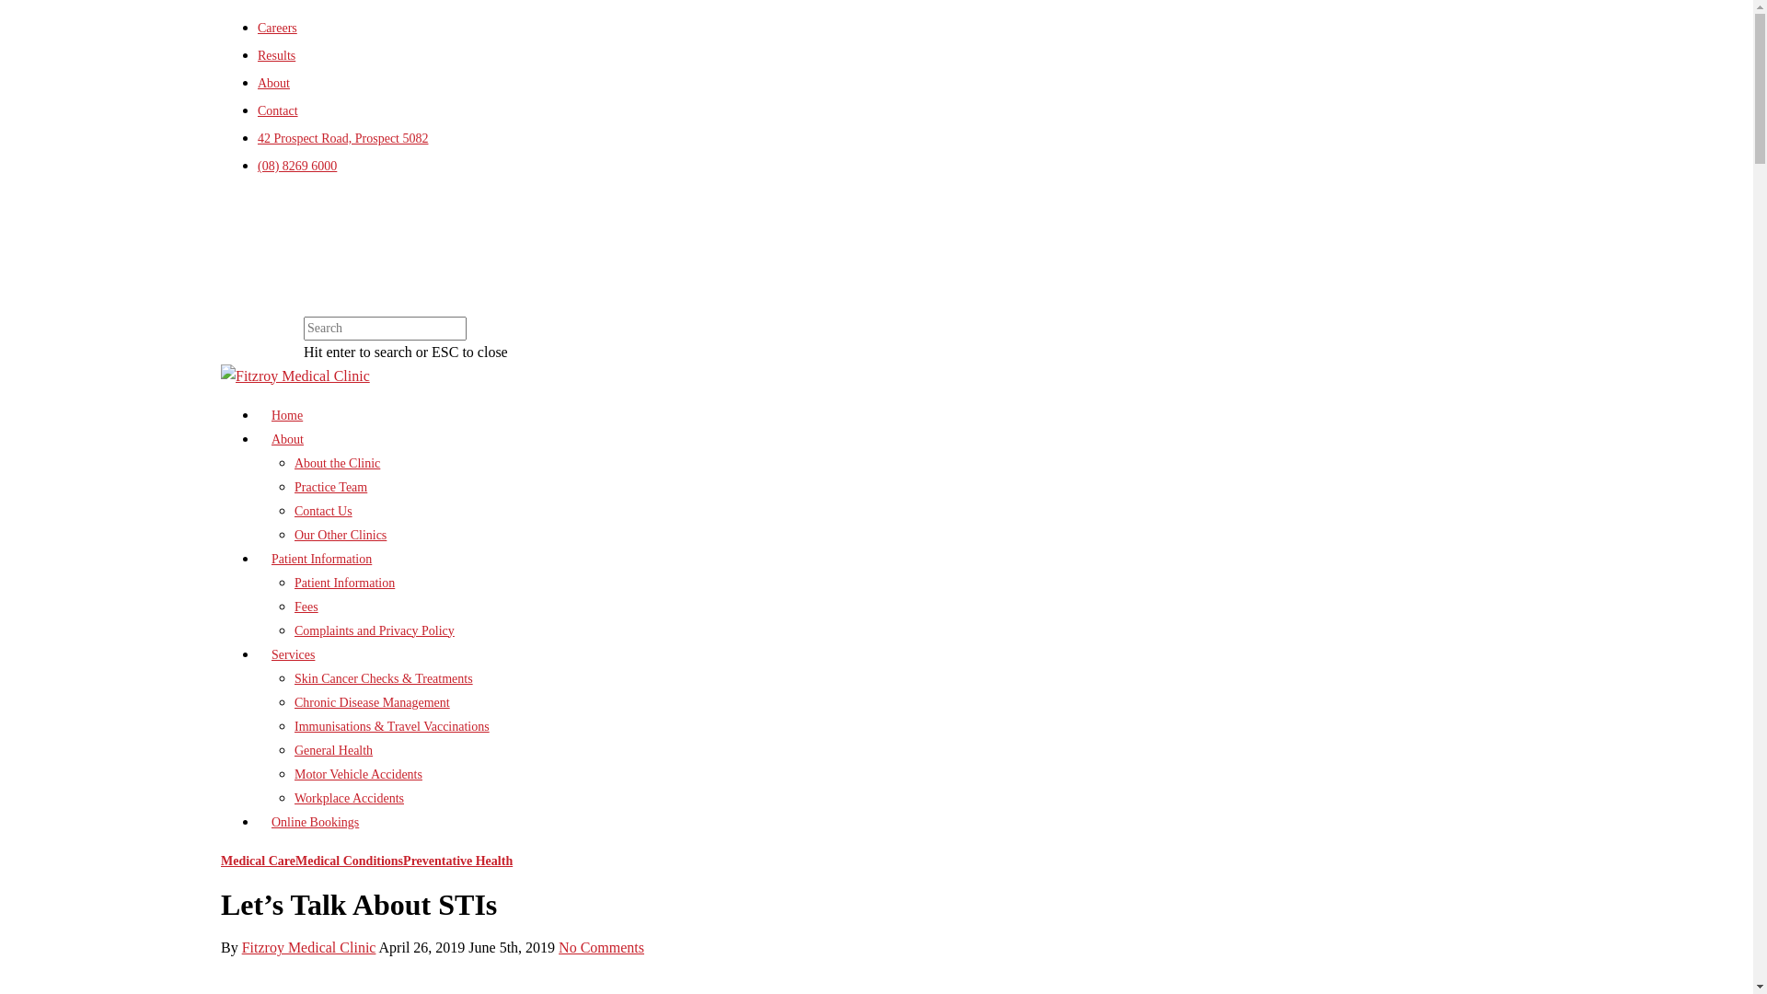 This screenshot has height=994, width=1767. Describe the element at coordinates (344, 583) in the screenshot. I see `'Patient Information'` at that location.